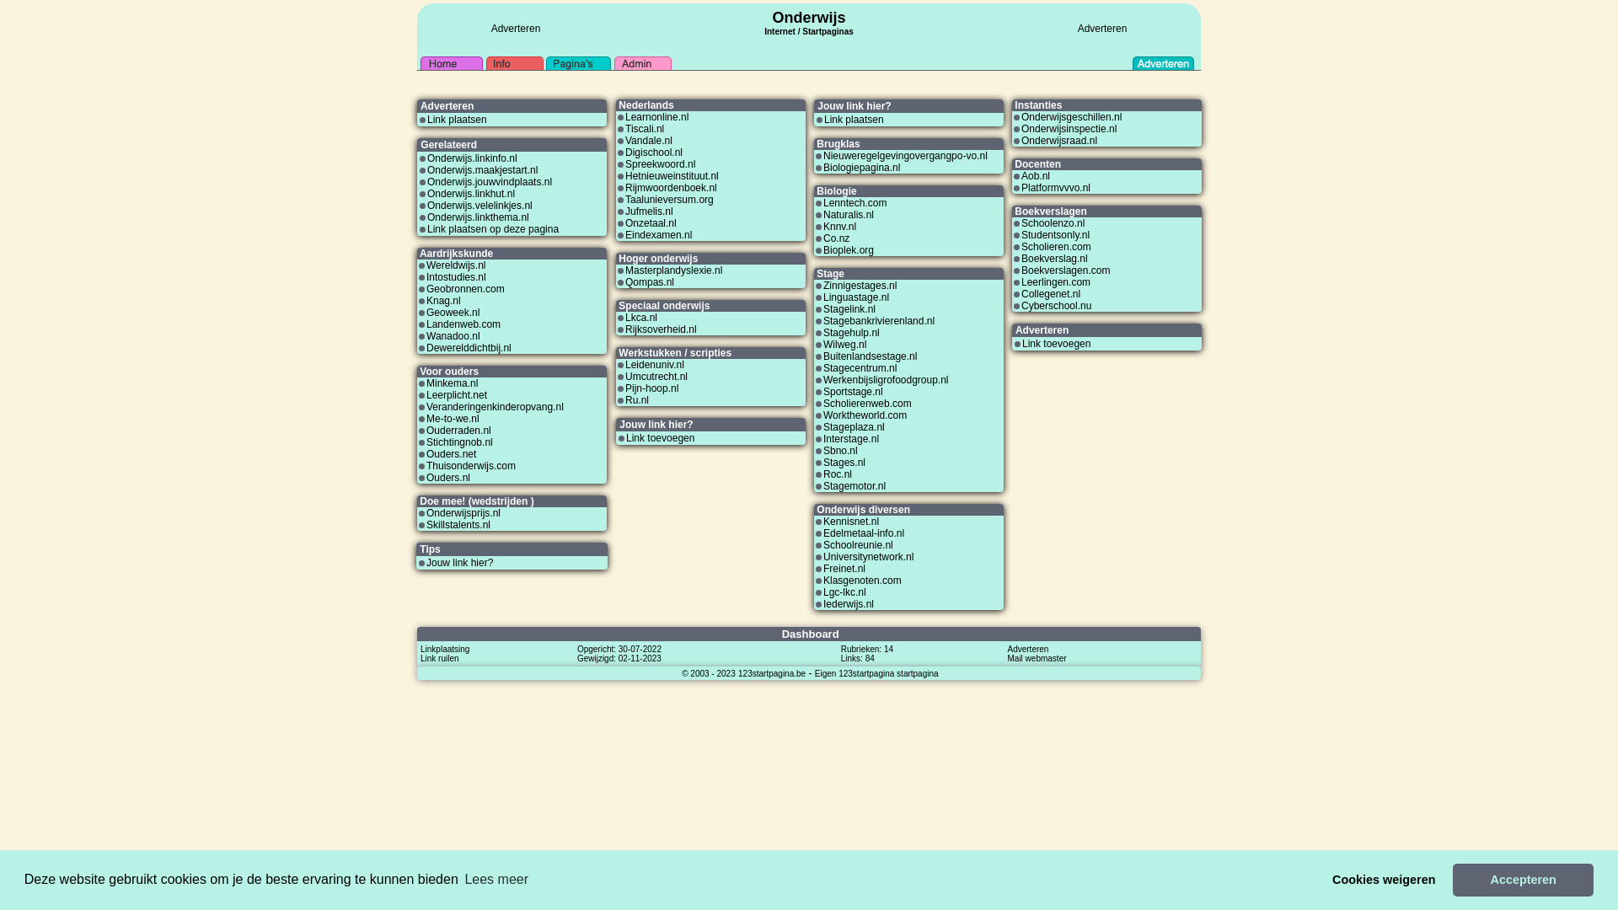  Describe the element at coordinates (443, 300) in the screenshot. I see `'Knag.nl'` at that location.